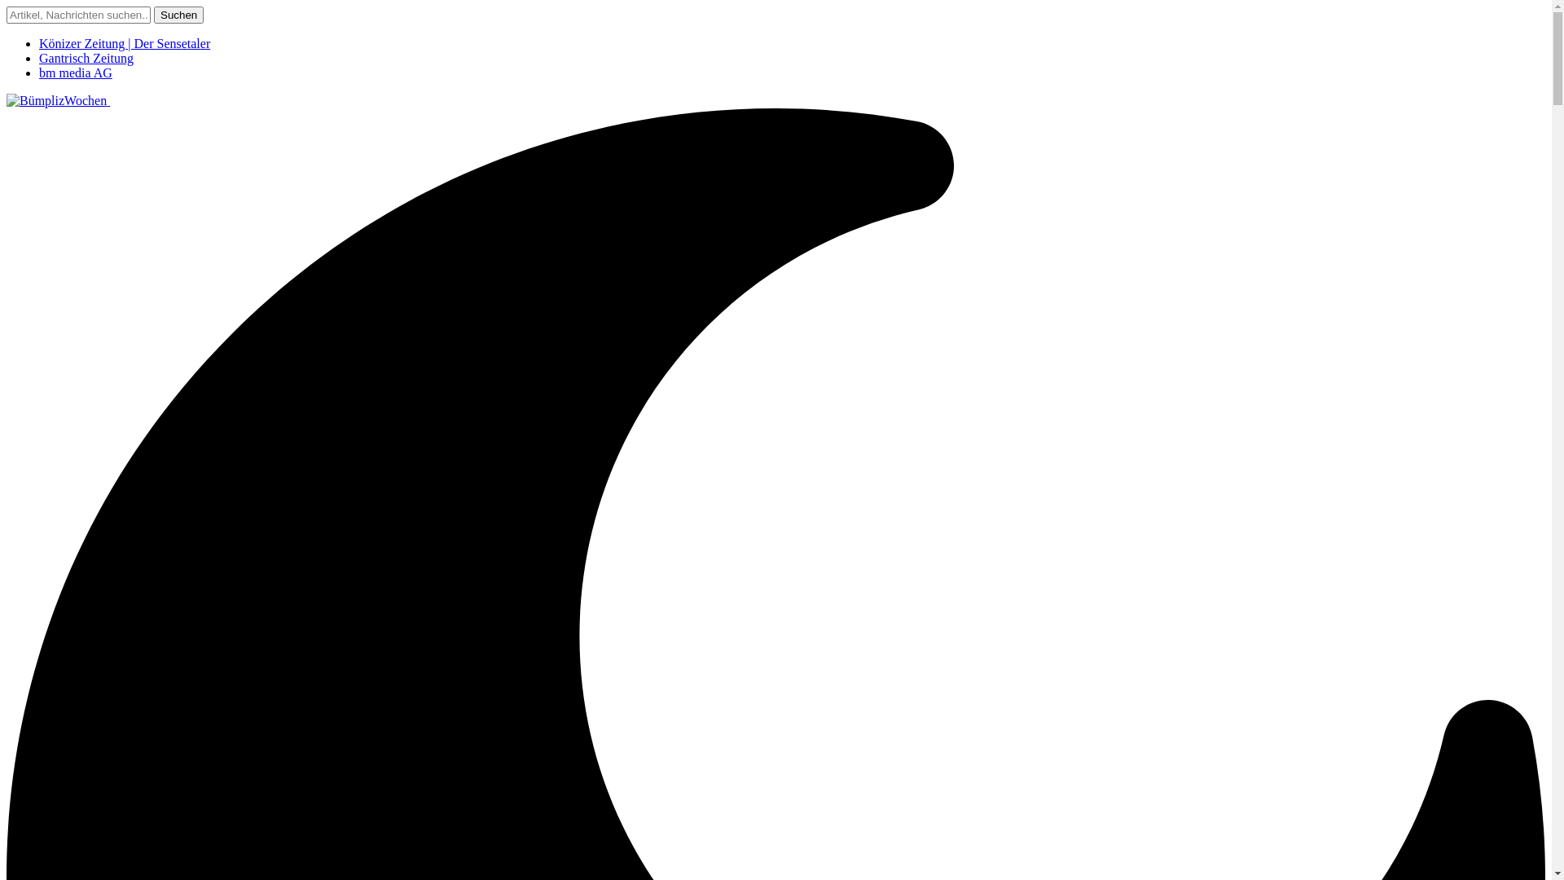  Describe the element at coordinates (39, 72) in the screenshot. I see `'bm media AG'` at that location.